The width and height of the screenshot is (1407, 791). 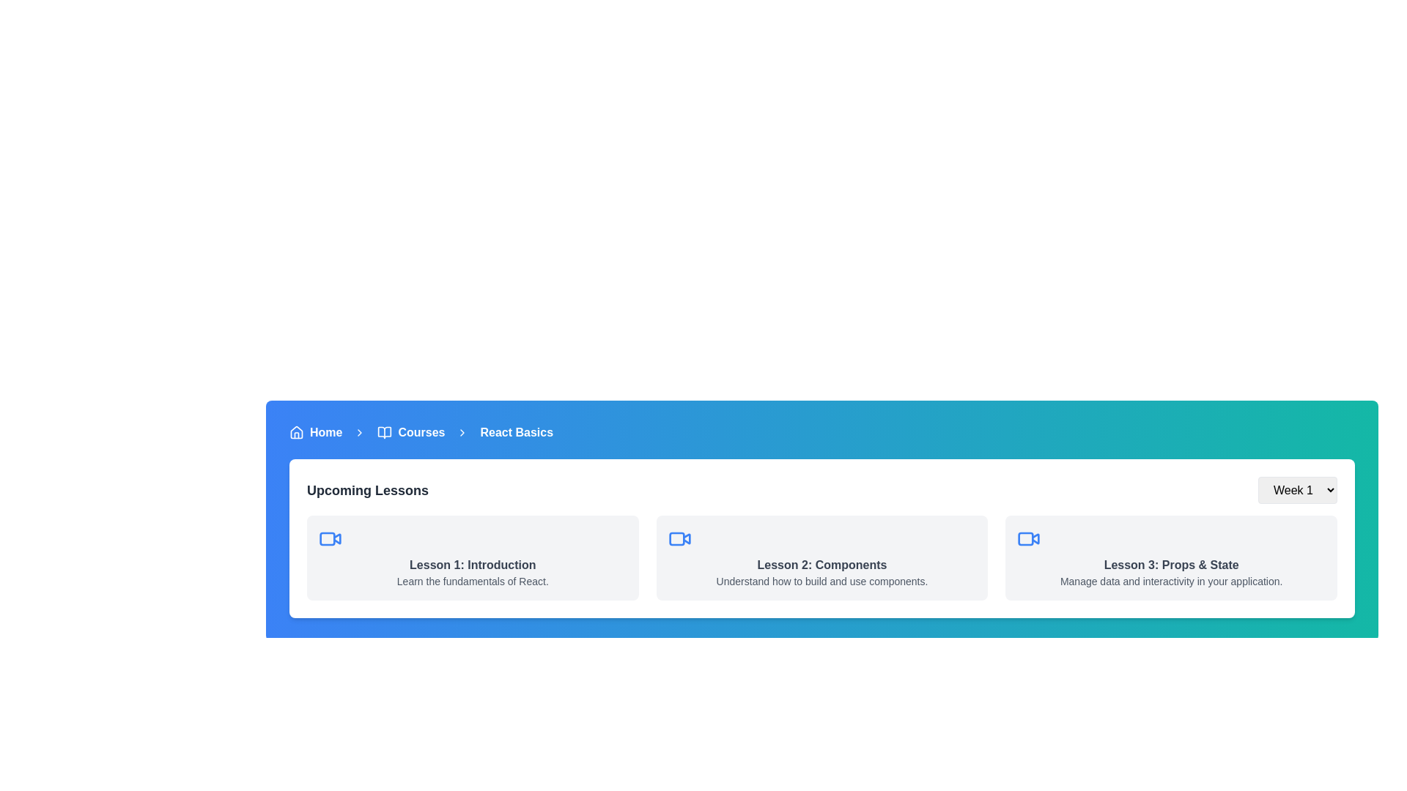 I want to click on the small triangle-shaped icon with a blue accent color located within the third lesson card titled 'Lesson 3: Props & State', positioned to the left of the lesson description text, so click(x=1035, y=538).